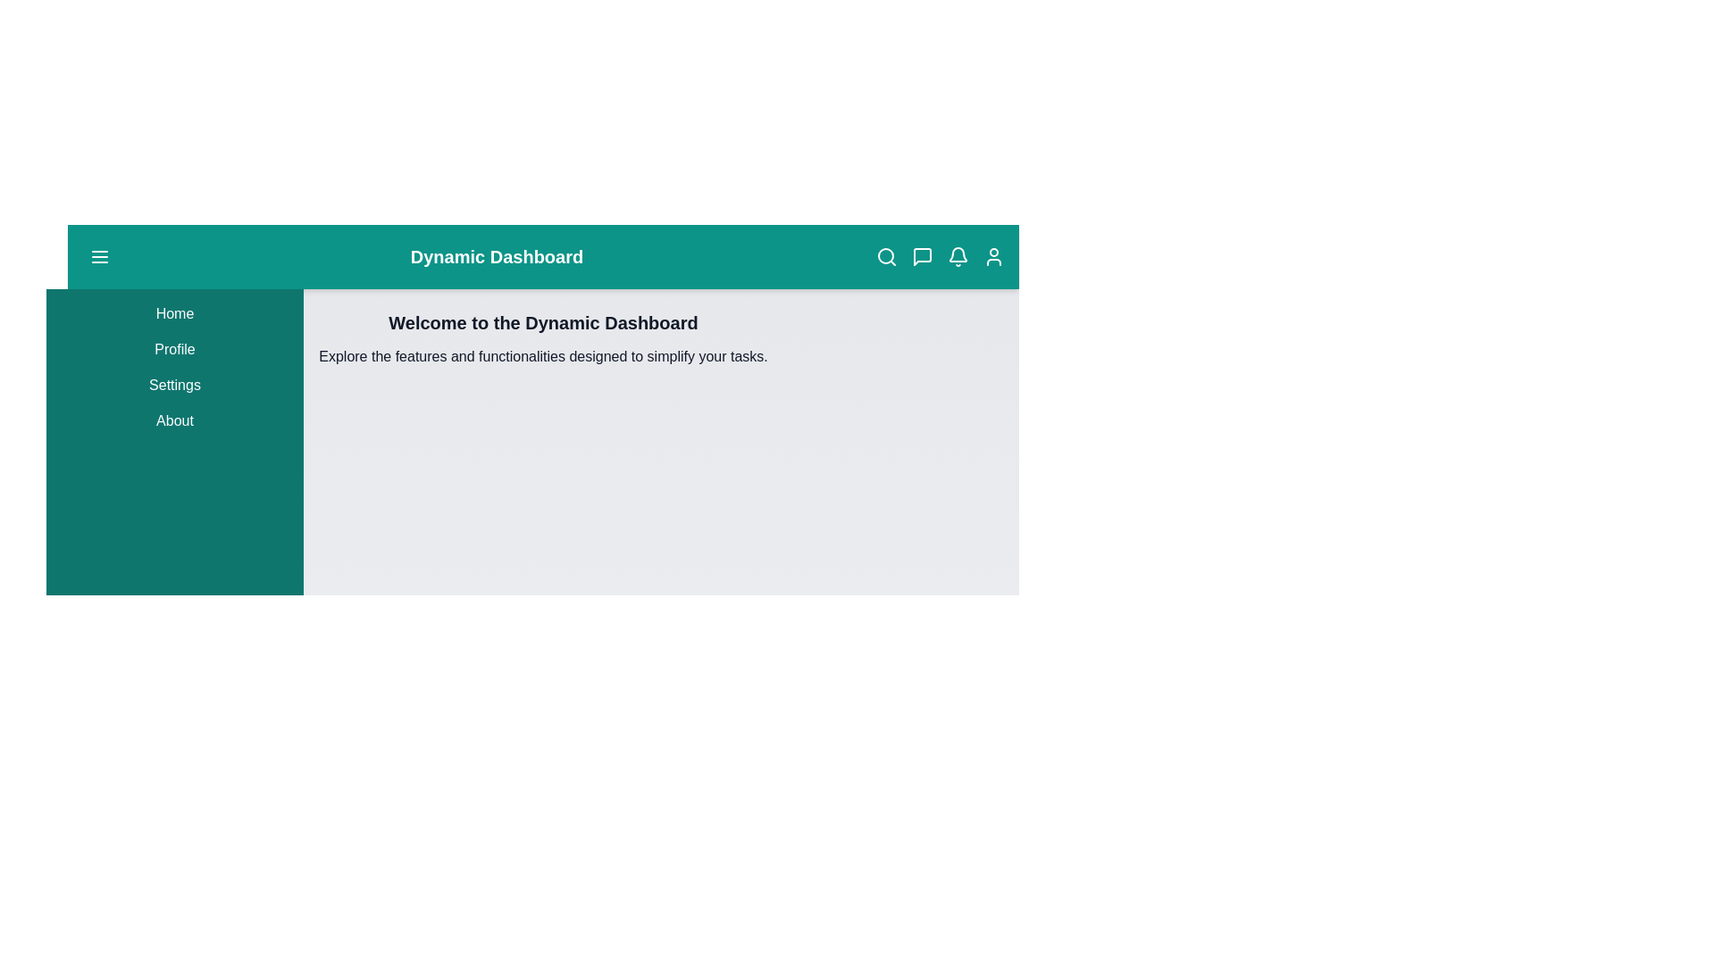  I want to click on the menu item Profile in the sidebar, so click(175, 350).